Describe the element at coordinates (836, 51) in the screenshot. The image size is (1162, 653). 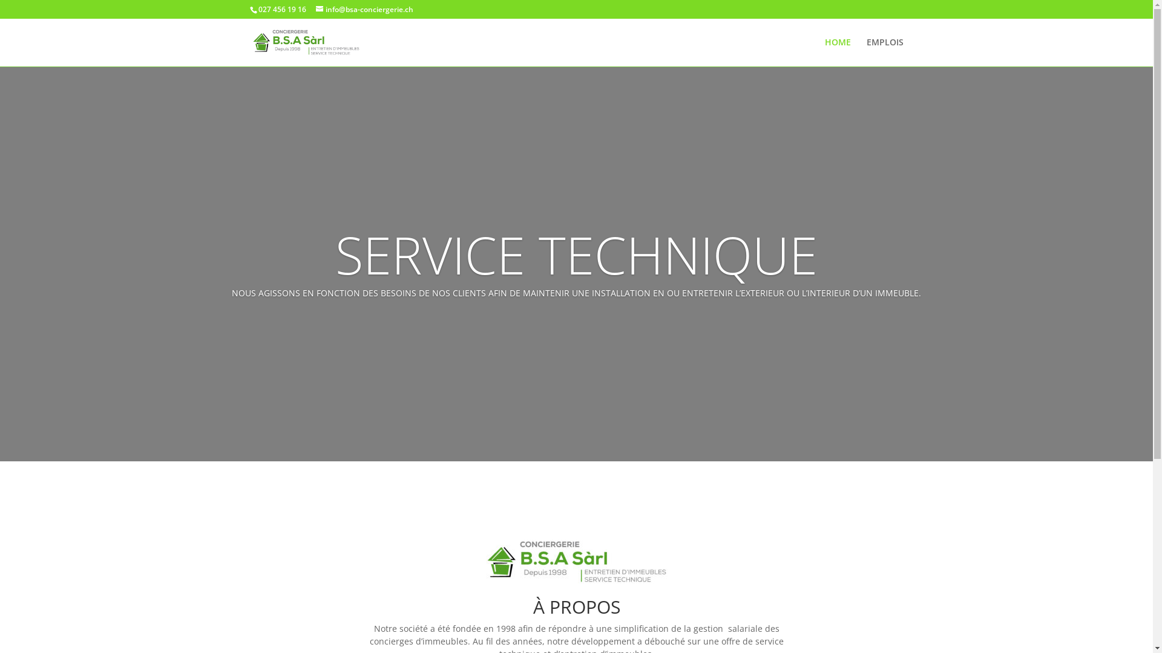
I see `'HOME'` at that location.